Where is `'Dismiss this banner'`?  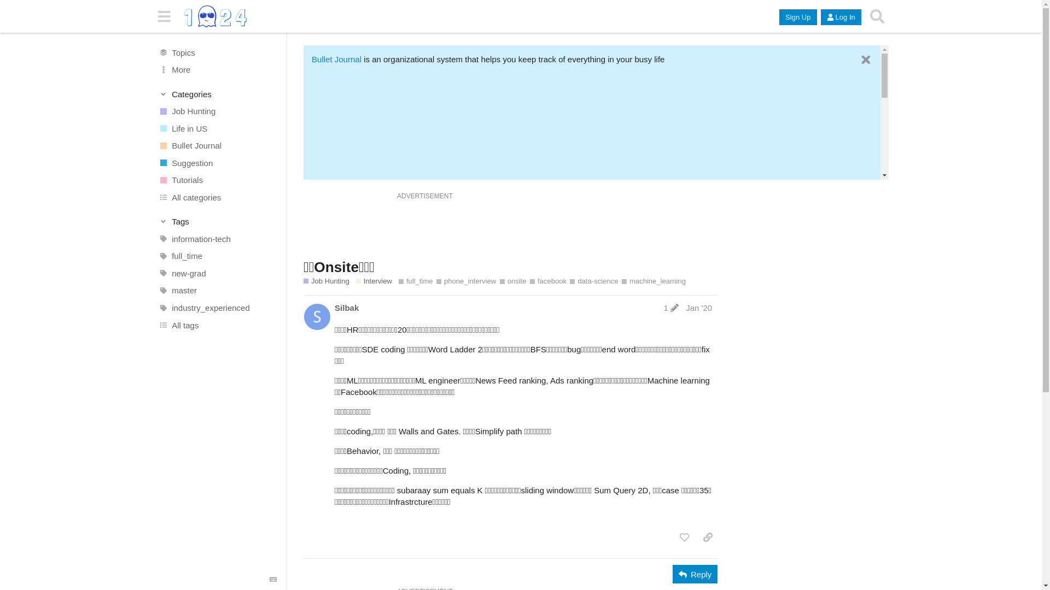
'Dismiss this banner' is located at coordinates (859, 60).